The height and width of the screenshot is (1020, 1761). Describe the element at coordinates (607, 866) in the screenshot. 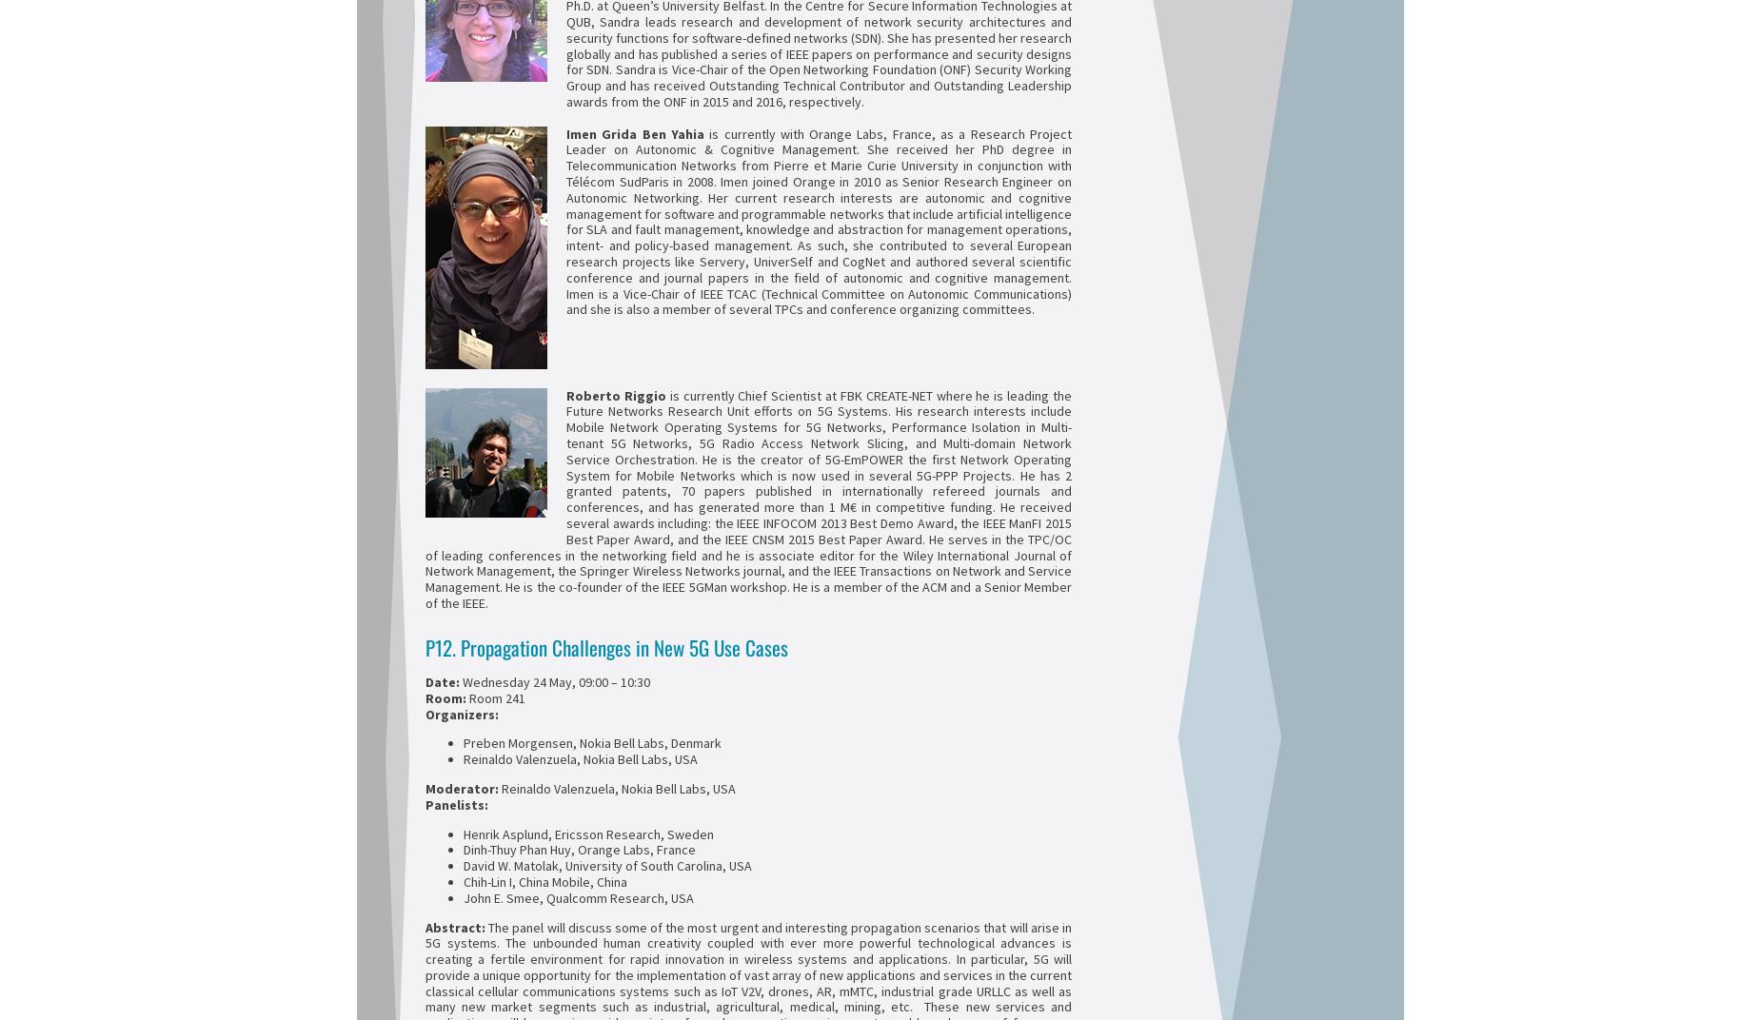

I see `'David W. Matolak, University of South Carolina, USA'` at that location.